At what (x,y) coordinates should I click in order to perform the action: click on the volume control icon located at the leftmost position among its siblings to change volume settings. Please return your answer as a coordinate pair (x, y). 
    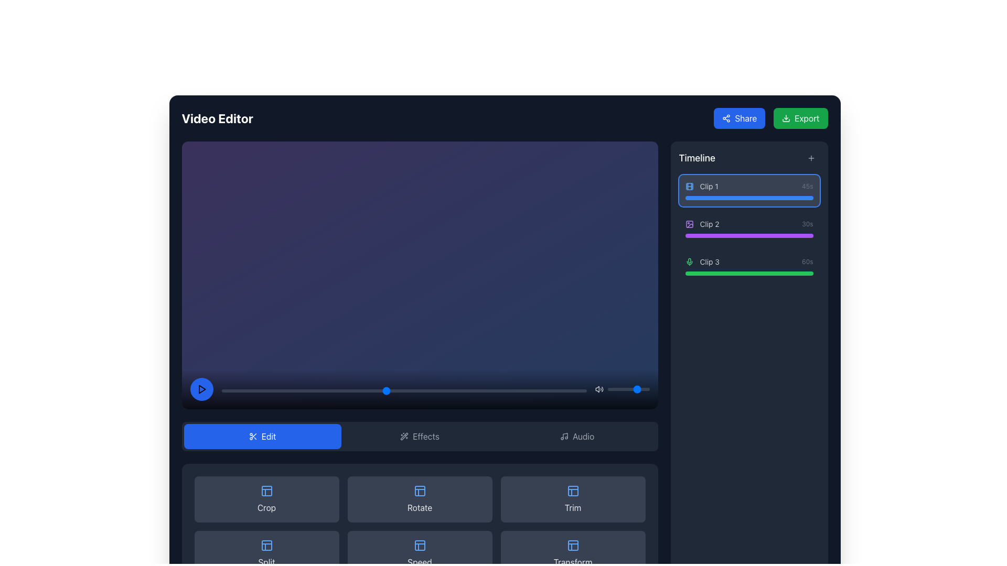
    Looking at the image, I should click on (599, 389).